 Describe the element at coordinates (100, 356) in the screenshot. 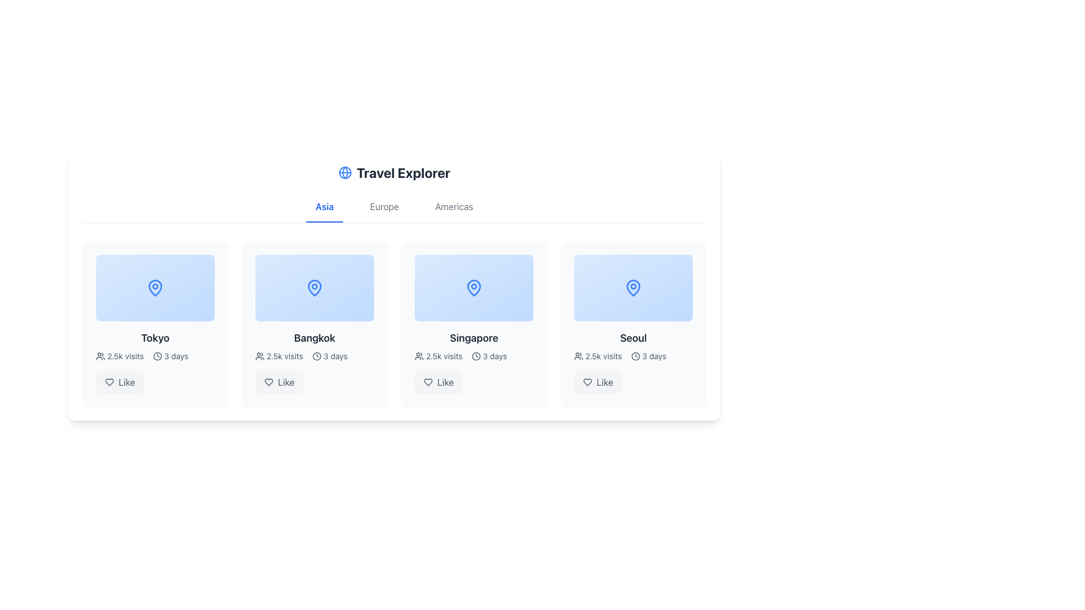

I see `the icon representing a group of people within the first trip card under the 'Asia' category, located to the left of the text '2.5k visits'` at that location.